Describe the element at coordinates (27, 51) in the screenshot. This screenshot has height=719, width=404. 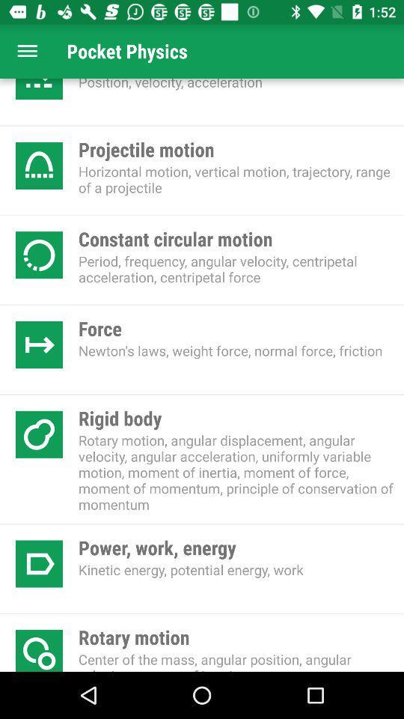
I see `main menu` at that location.